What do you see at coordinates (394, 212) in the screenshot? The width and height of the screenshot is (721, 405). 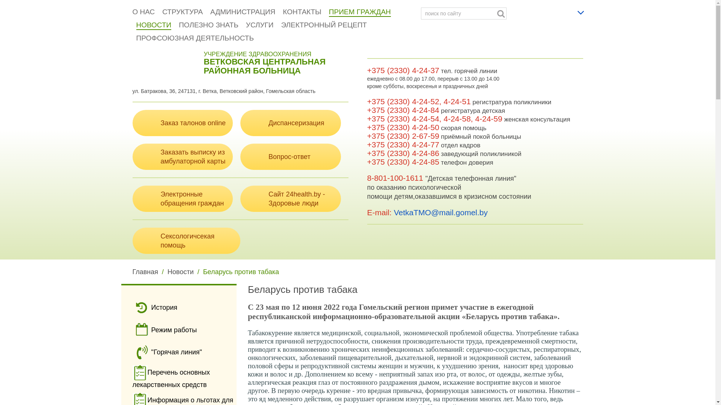 I see `'VetkaTMO@mail.gomel.by'` at bounding box center [394, 212].